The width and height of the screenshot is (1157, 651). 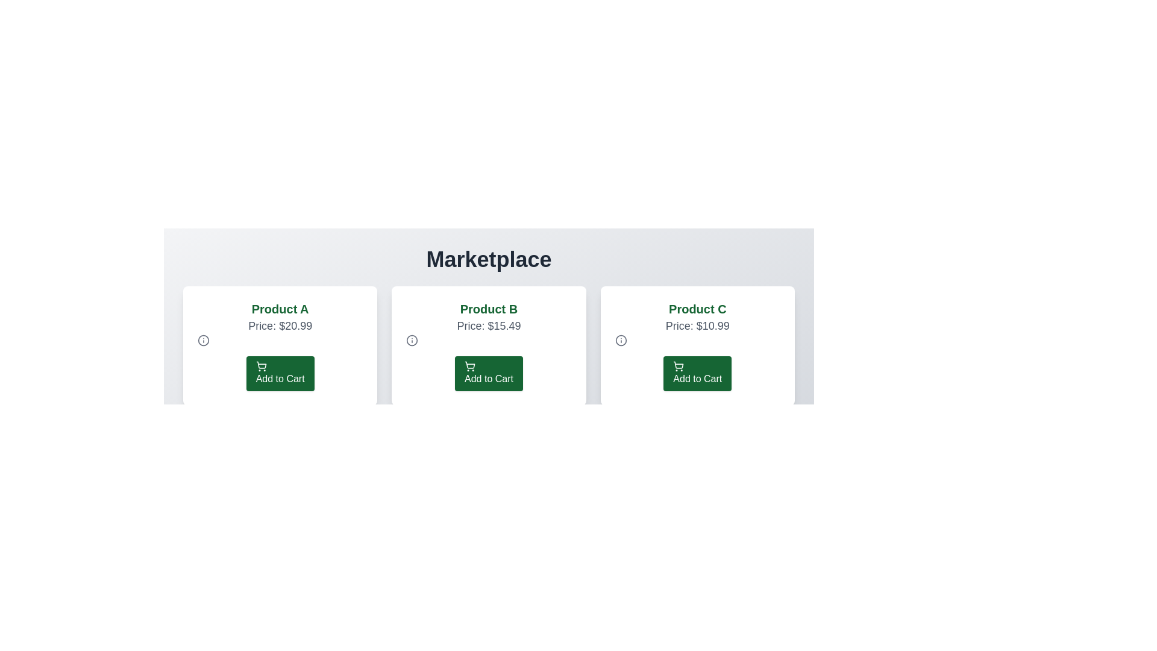 I want to click on the small circular information icon with a gray outline located within the card for 'Product B', positioned below the price text '$15.49' and above the 'Add to Cart' button, so click(x=412, y=340).